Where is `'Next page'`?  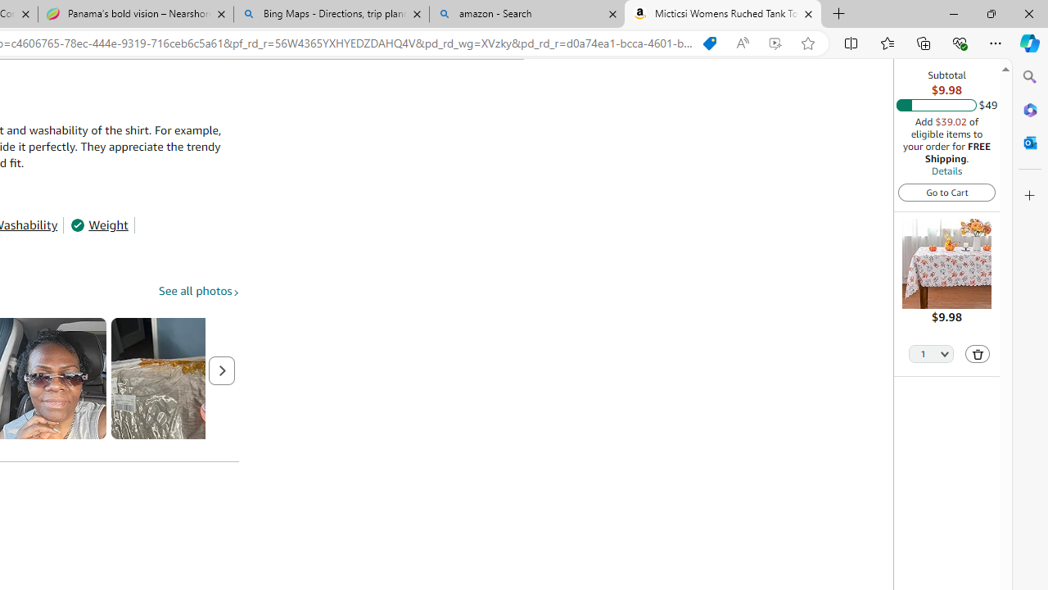
'Next page' is located at coordinates (221, 370).